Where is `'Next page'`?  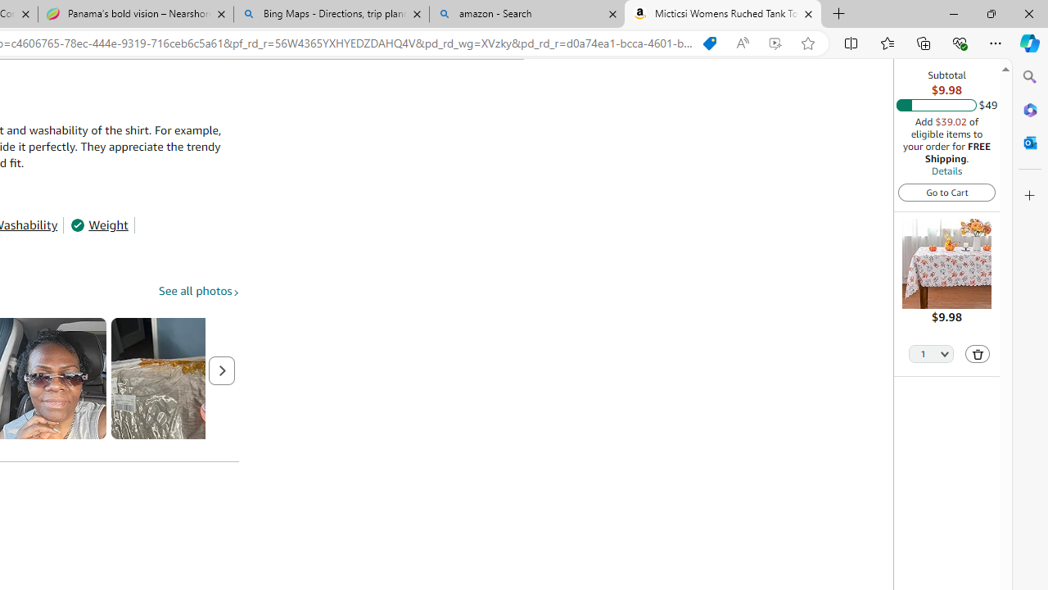
'Next page' is located at coordinates (221, 370).